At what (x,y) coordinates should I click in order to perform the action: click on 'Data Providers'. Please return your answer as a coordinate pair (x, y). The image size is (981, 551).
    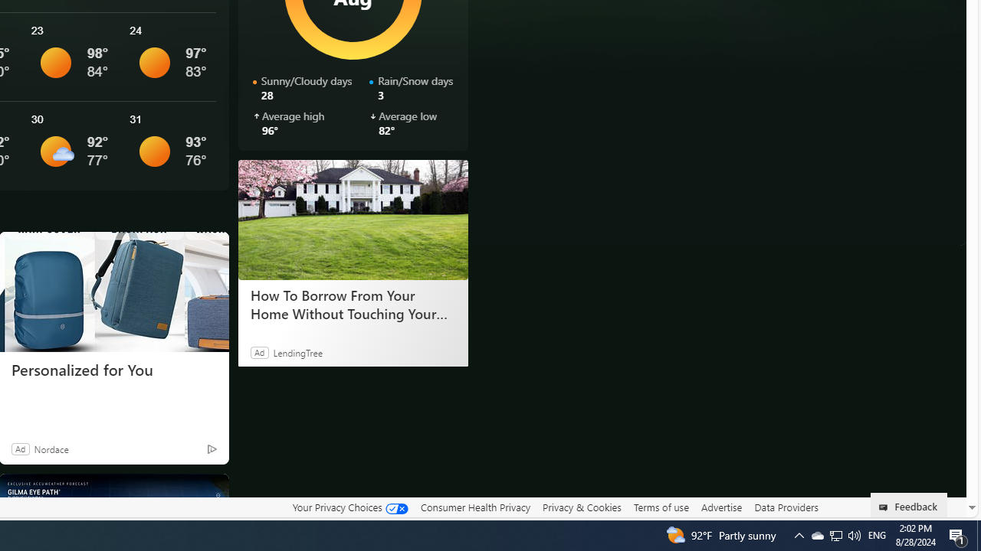
    Looking at the image, I should click on (786, 507).